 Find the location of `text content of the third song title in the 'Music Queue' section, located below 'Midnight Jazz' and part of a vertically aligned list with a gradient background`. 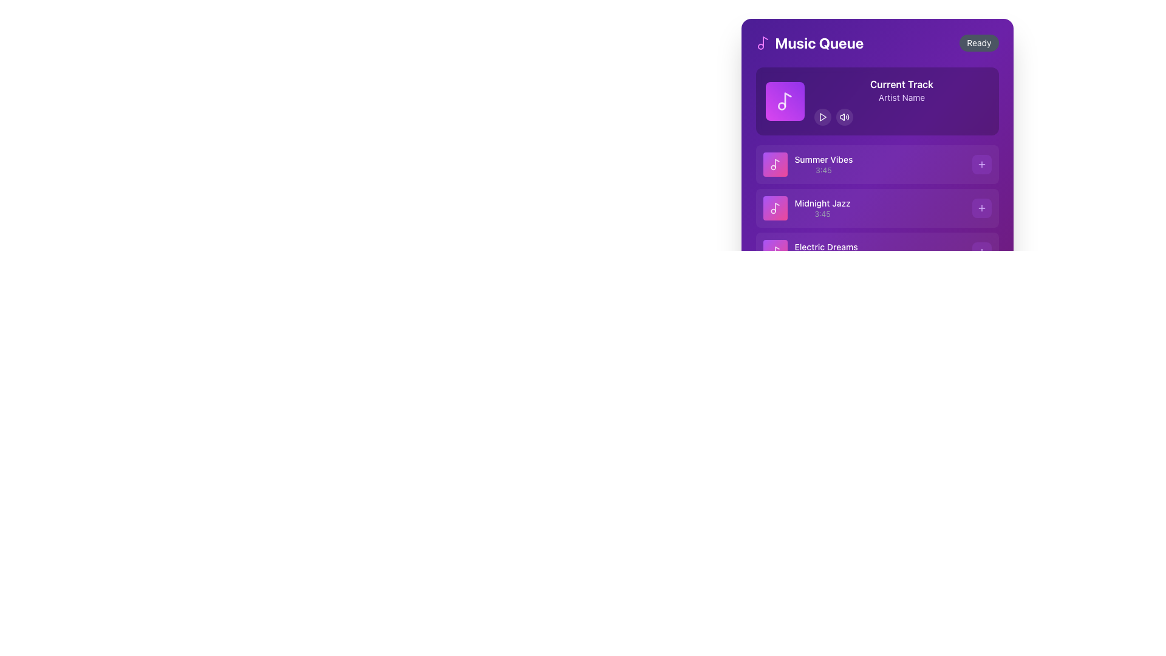

text content of the third song title in the 'Music Queue' section, located below 'Midnight Jazz' and part of a vertically aligned list with a gradient background is located at coordinates (826, 251).